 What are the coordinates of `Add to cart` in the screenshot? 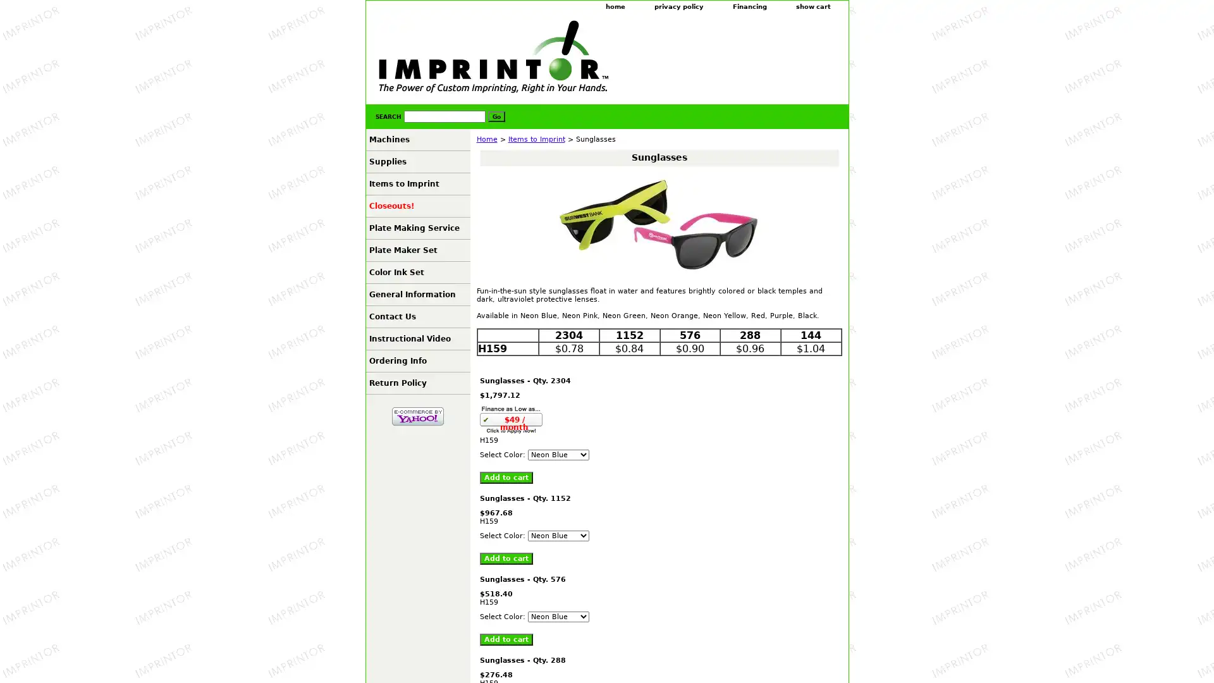 It's located at (506, 477).